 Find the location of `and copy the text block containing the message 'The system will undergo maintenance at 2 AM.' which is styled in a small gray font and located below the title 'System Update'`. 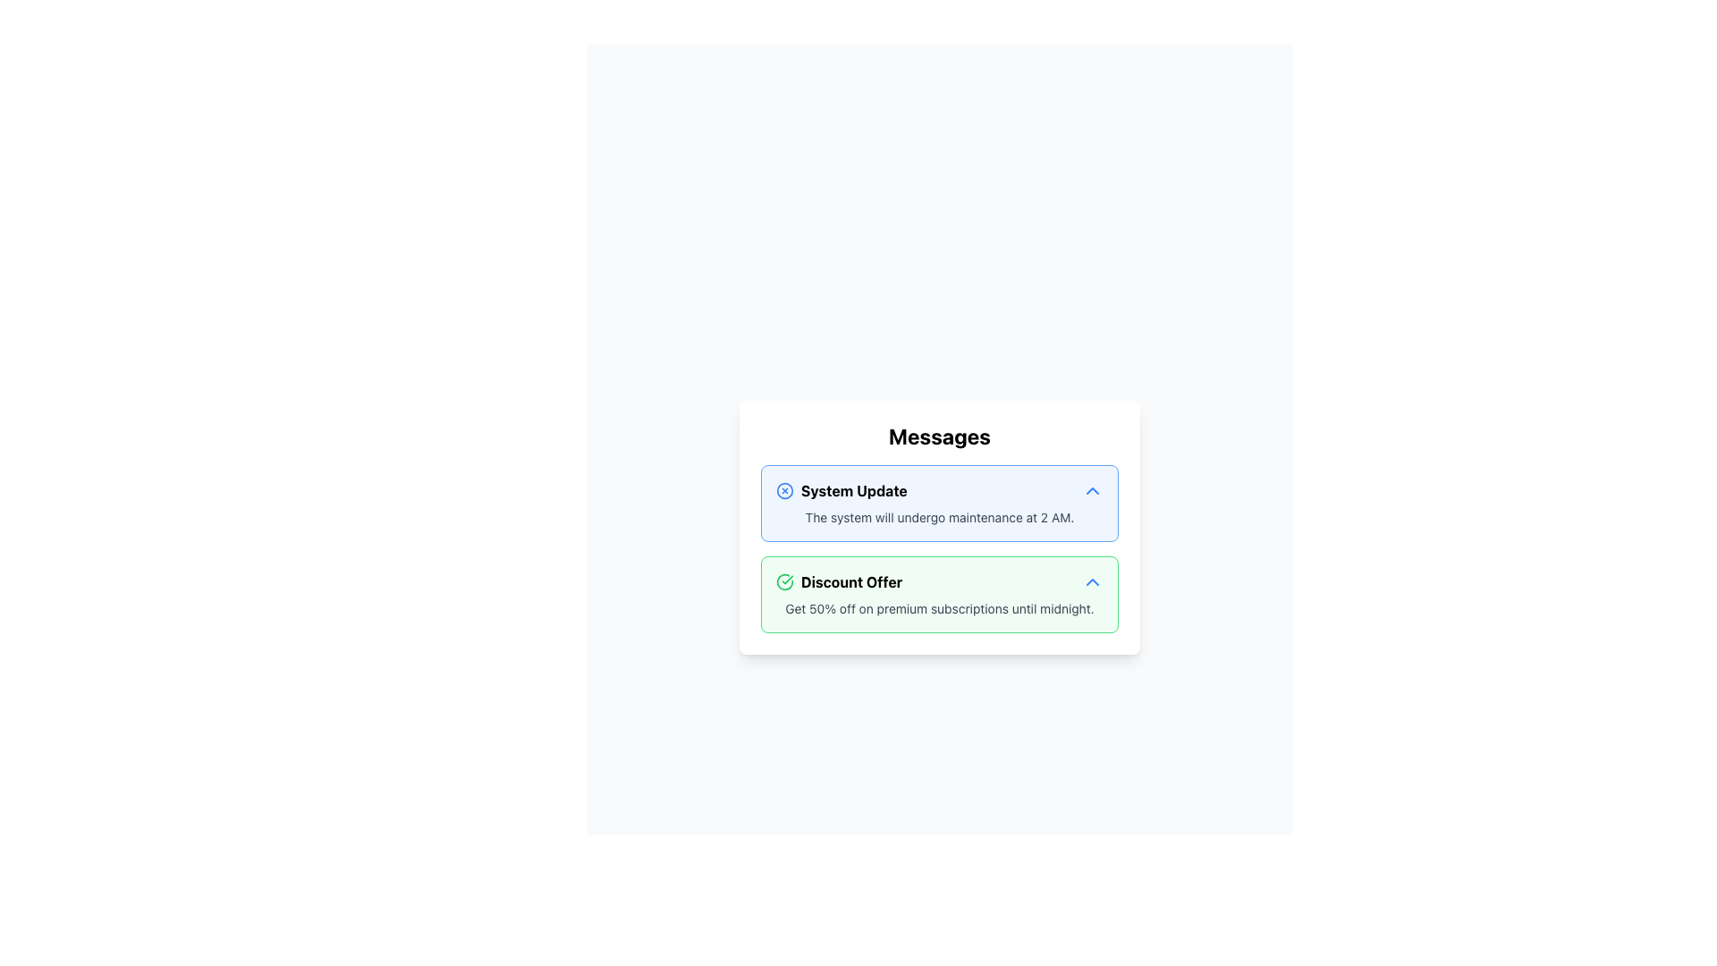

and copy the text block containing the message 'The system will undergo maintenance at 2 AM.' which is styled in a small gray font and located below the title 'System Update' is located at coordinates (939, 517).